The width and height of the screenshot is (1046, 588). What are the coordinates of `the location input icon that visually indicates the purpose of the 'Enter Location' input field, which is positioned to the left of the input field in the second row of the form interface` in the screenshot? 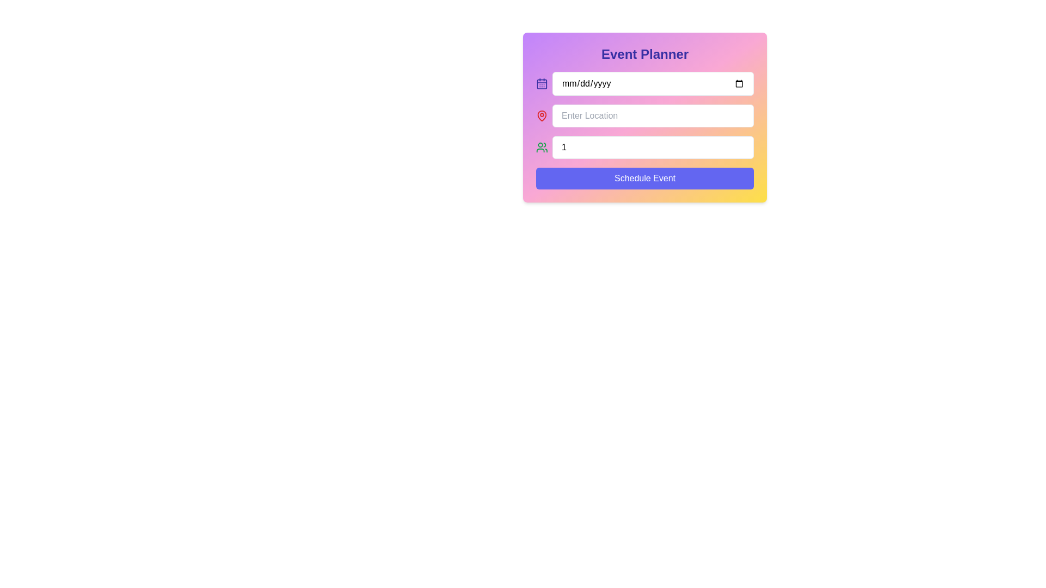 It's located at (542, 115).